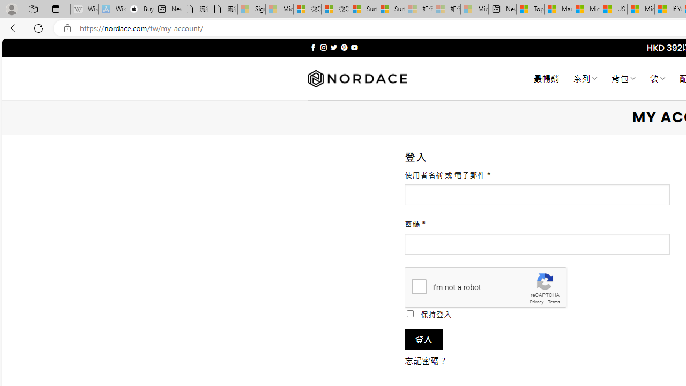 The image size is (686, 386). What do you see at coordinates (613, 9) in the screenshot?
I see `'US Heat Deaths Soared To Record High Last Year'` at bounding box center [613, 9].